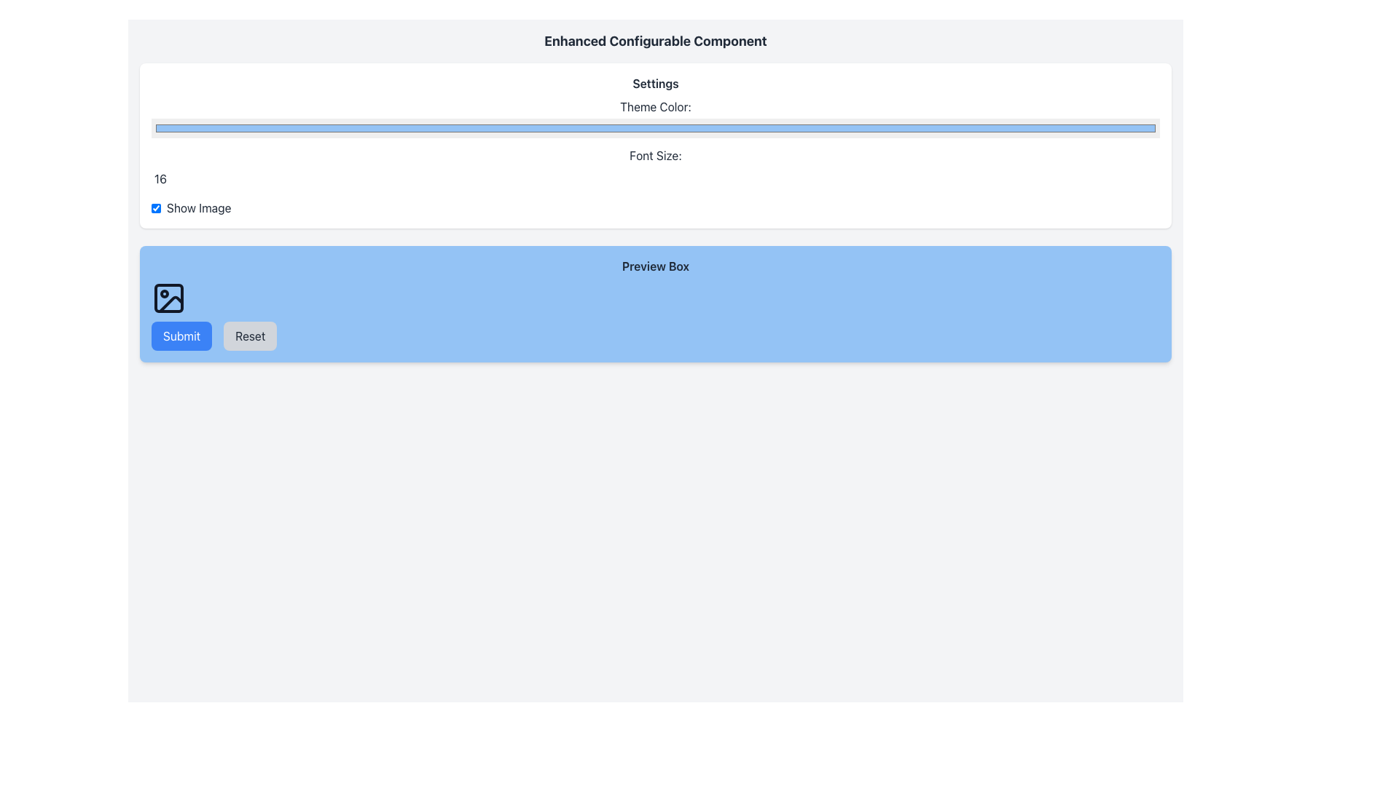  What do you see at coordinates (168, 297) in the screenshot?
I see `the decorative square component with rounded corners, styled with a light blue fill, located at the center of the image icon in the preview box` at bounding box center [168, 297].